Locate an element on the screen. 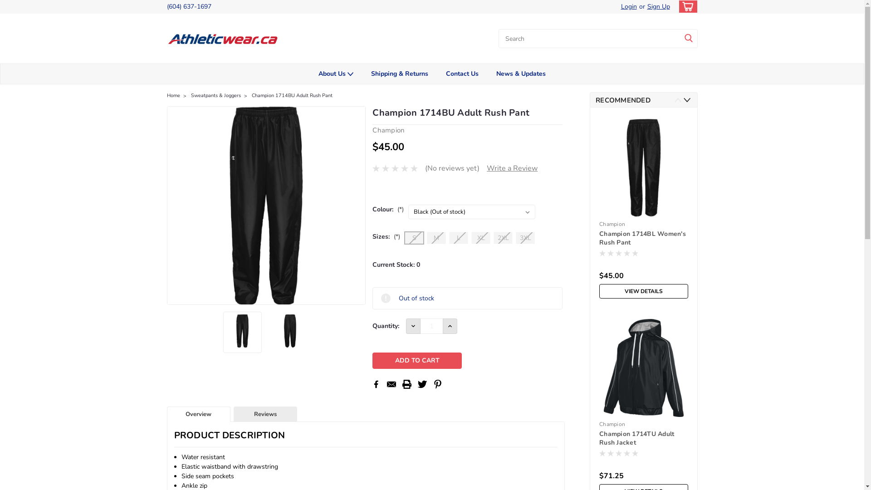 The width and height of the screenshot is (871, 490). 'Champion' is located at coordinates (612, 424).